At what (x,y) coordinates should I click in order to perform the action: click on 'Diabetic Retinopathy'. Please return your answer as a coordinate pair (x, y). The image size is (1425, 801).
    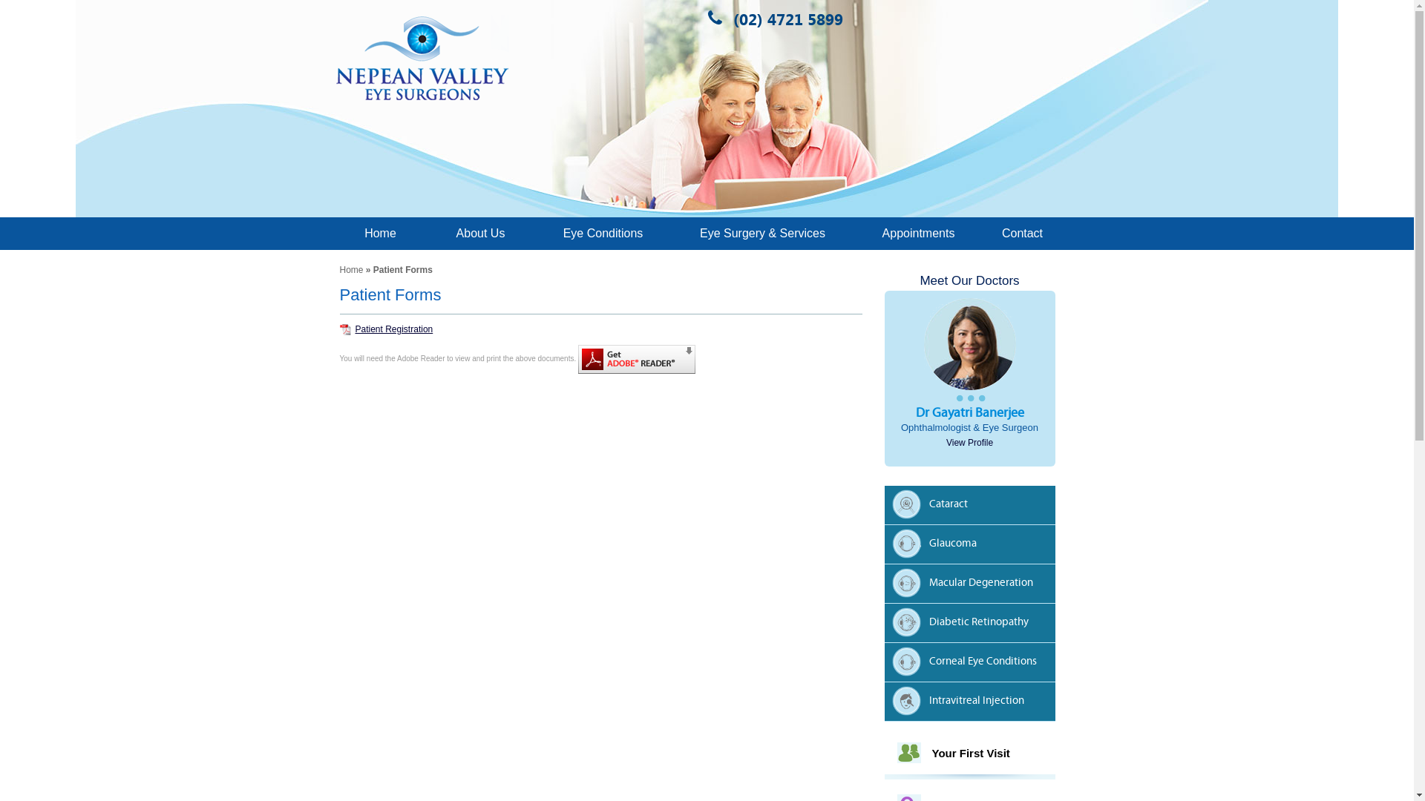
    Looking at the image, I should click on (973, 624).